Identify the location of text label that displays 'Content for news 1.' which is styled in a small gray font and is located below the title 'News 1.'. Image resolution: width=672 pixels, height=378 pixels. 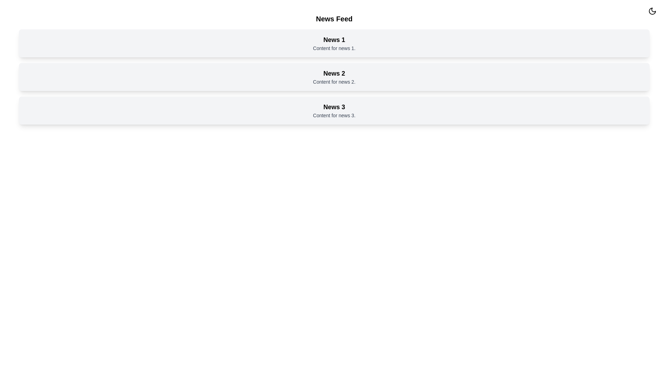
(334, 48).